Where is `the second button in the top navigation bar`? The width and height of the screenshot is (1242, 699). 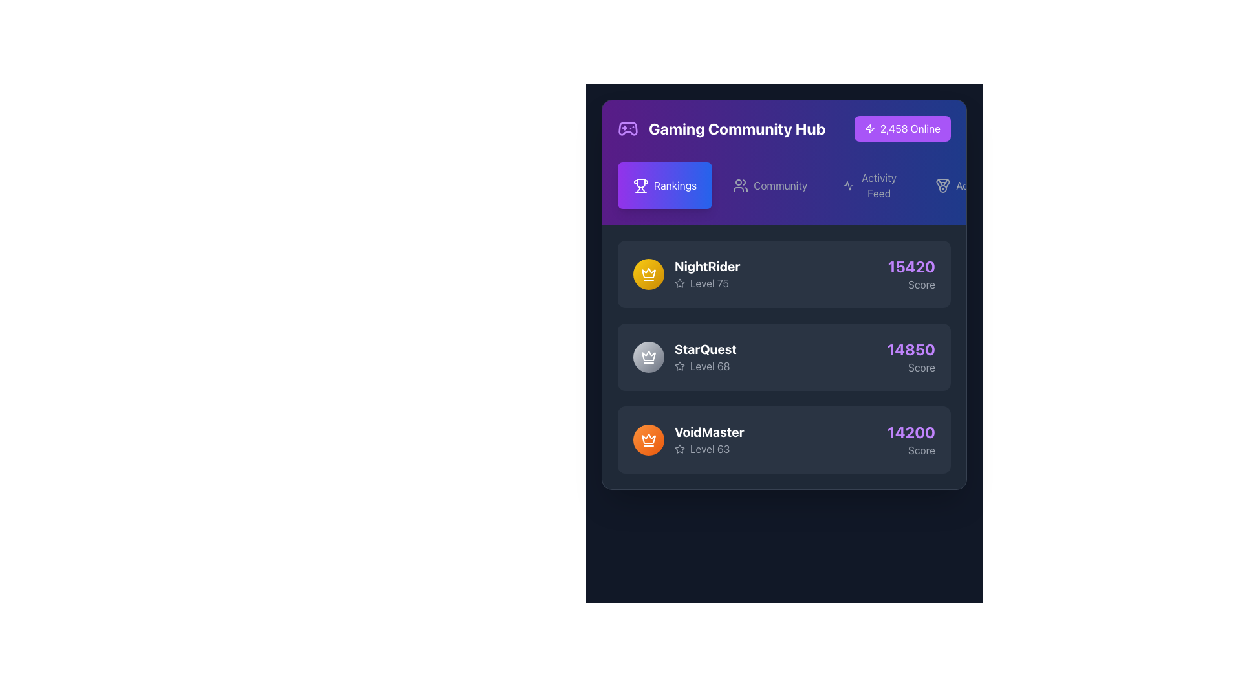 the second button in the top navigation bar is located at coordinates (770, 185).